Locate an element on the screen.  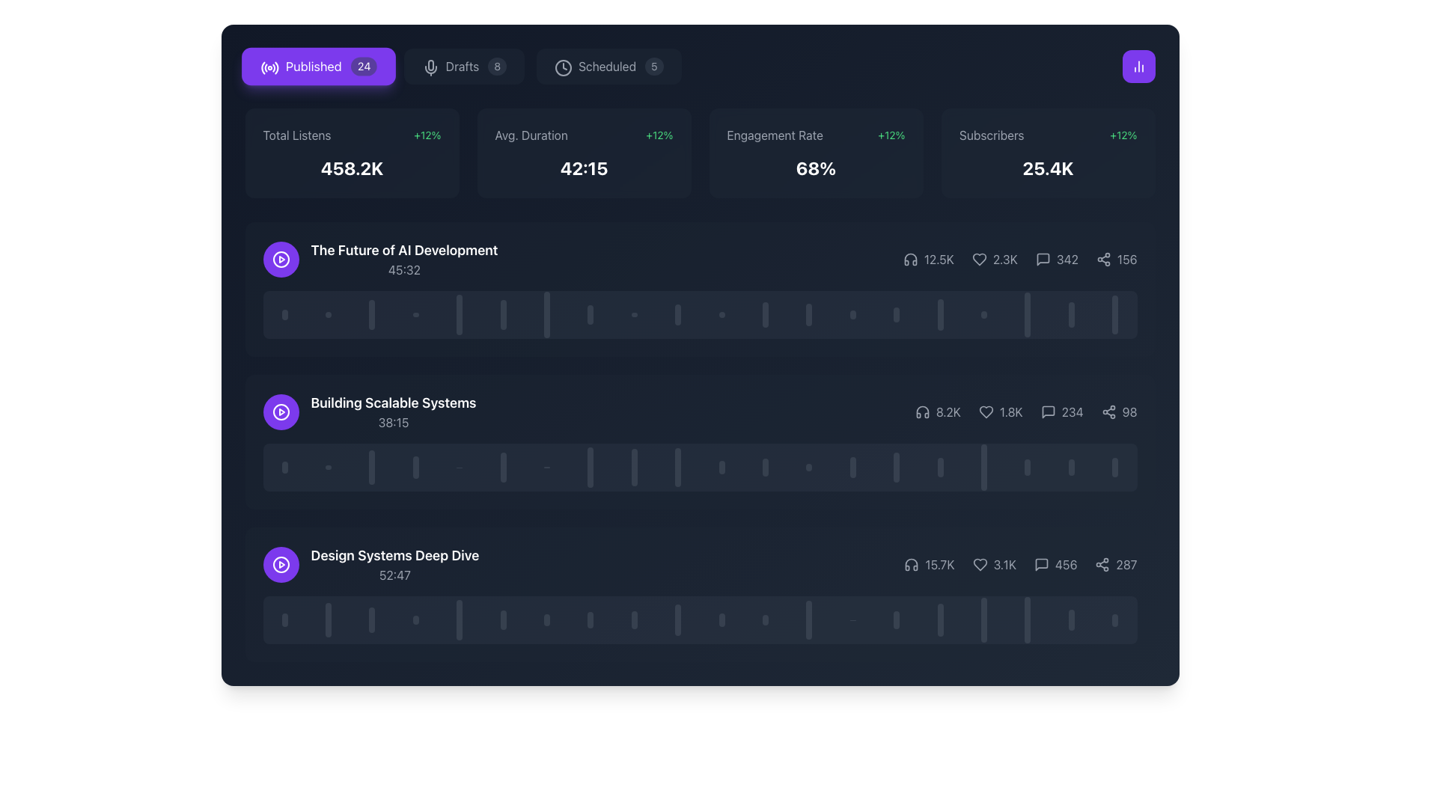
the seventeenth vertical Indicator bar in the timeline section of the page, which visually represents a data point within a series of similar bars is located at coordinates (984, 313).